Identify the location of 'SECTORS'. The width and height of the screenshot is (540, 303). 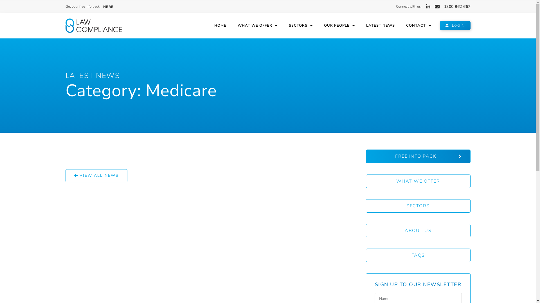
(418, 206).